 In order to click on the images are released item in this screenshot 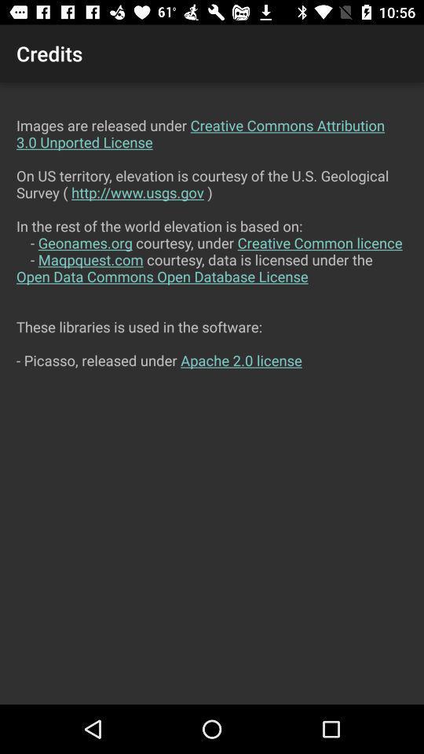, I will do `click(212, 393)`.